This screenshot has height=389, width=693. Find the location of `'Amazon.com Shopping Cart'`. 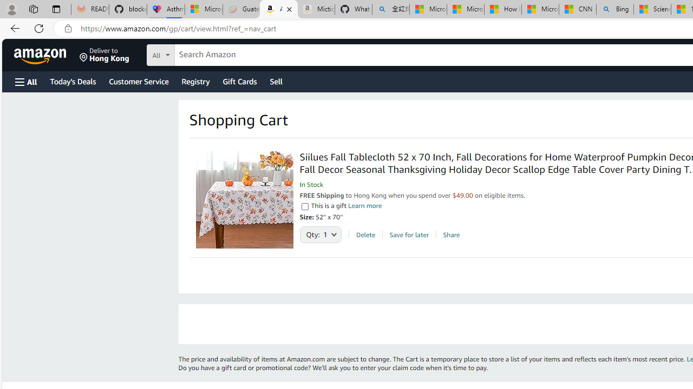

'Amazon.com Shopping Cart' is located at coordinates (279, 9).